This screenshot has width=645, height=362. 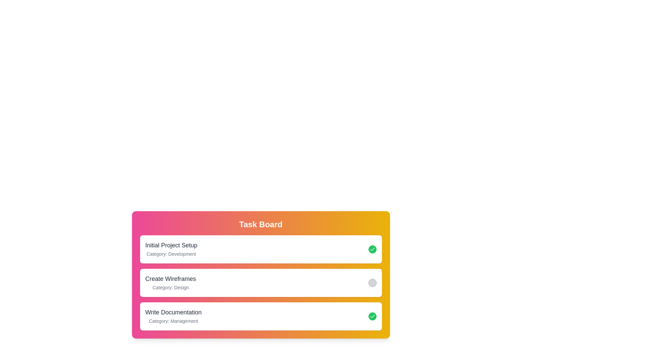 I want to click on the task item Write Documentation to observe its hover effect, so click(x=260, y=316).